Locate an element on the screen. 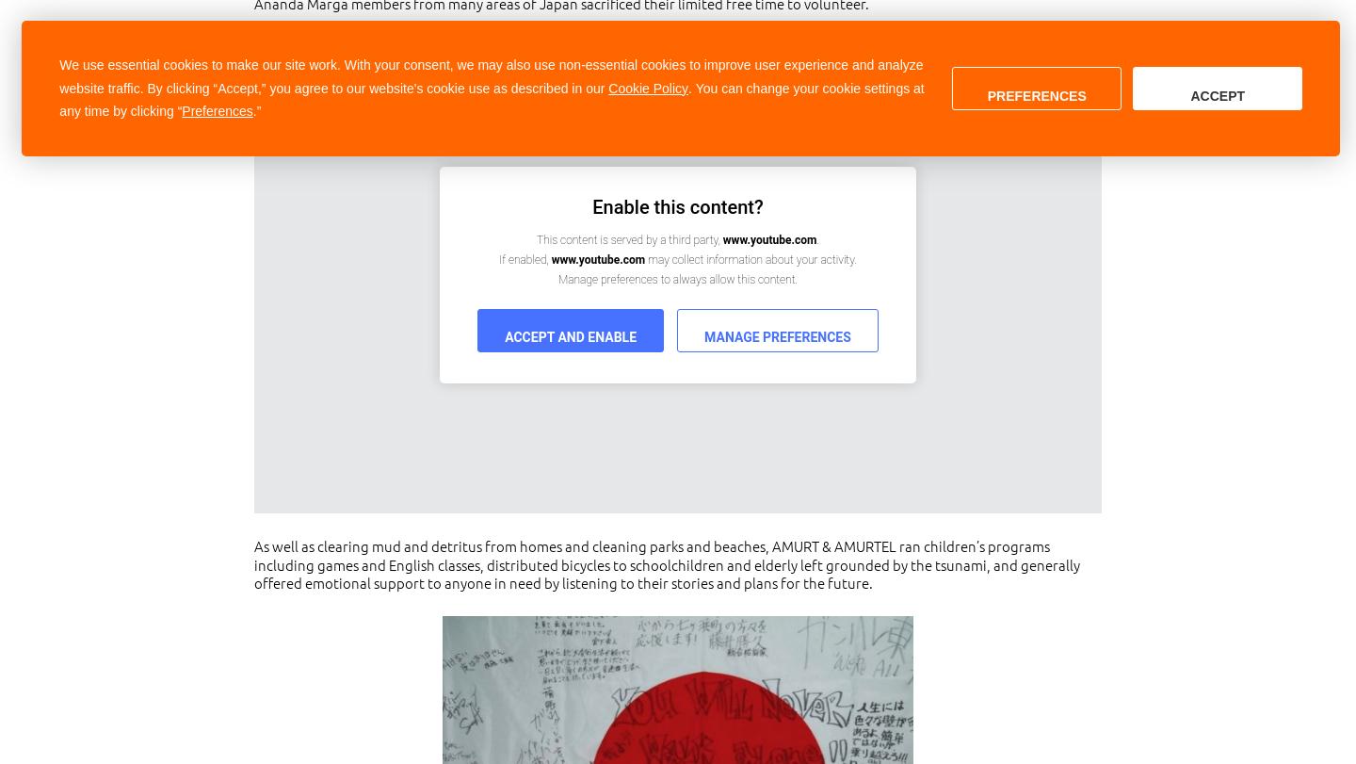 This screenshot has width=1356, height=764. 'Enable this content?' is located at coordinates (677, 207).